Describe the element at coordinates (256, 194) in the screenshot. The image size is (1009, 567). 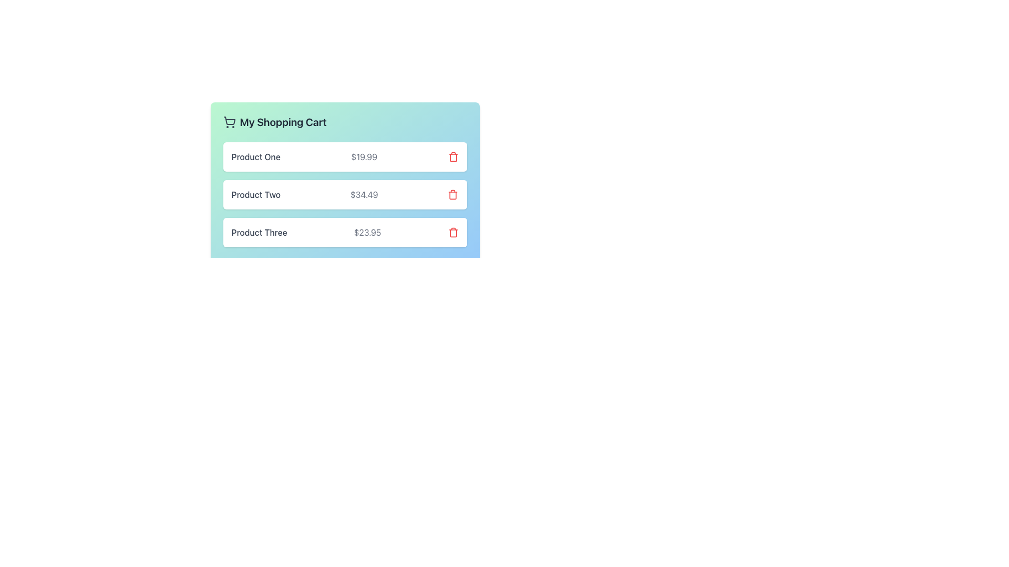
I see `the text 'Product Two' displayed in a medium-sized gray font, located in the second row of the shopping cart list next to the price '$34.49'` at that location.